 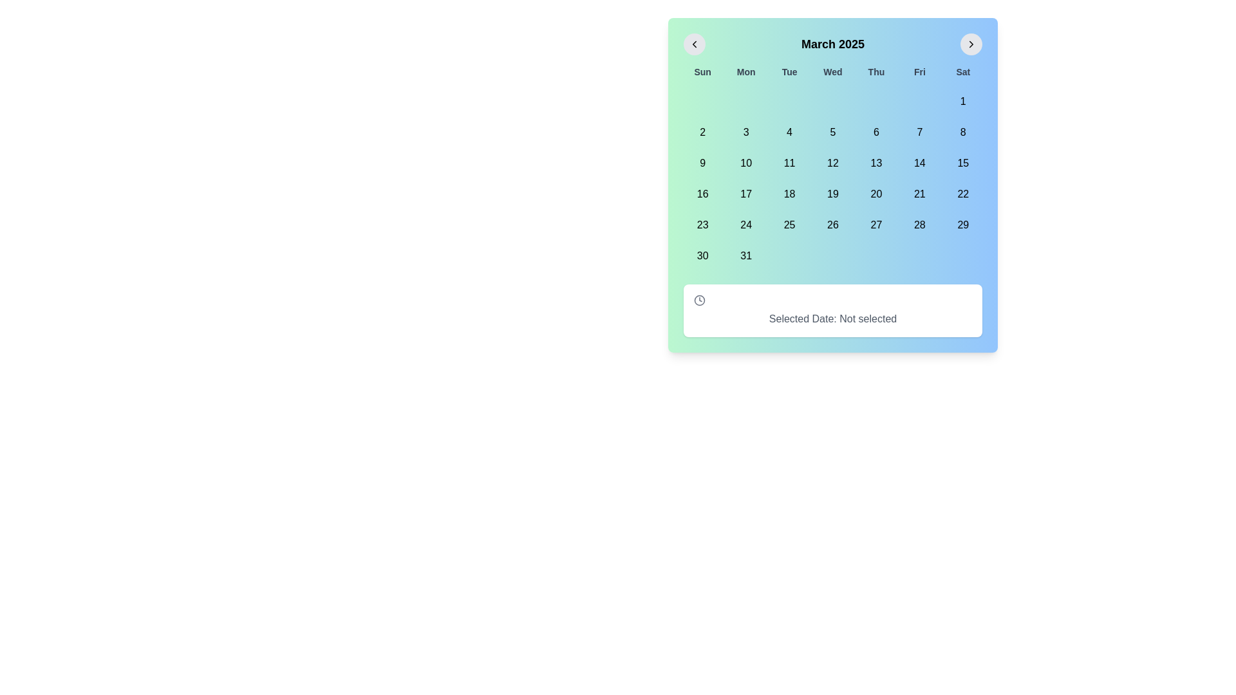 What do you see at coordinates (876, 194) in the screenshot?
I see `the calendar date button displaying '20'` at bounding box center [876, 194].